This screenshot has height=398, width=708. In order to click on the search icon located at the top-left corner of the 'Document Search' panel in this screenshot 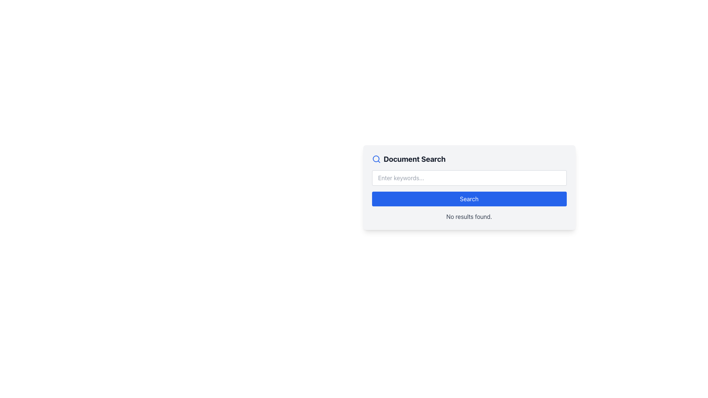, I will do `click(376, 159)`.